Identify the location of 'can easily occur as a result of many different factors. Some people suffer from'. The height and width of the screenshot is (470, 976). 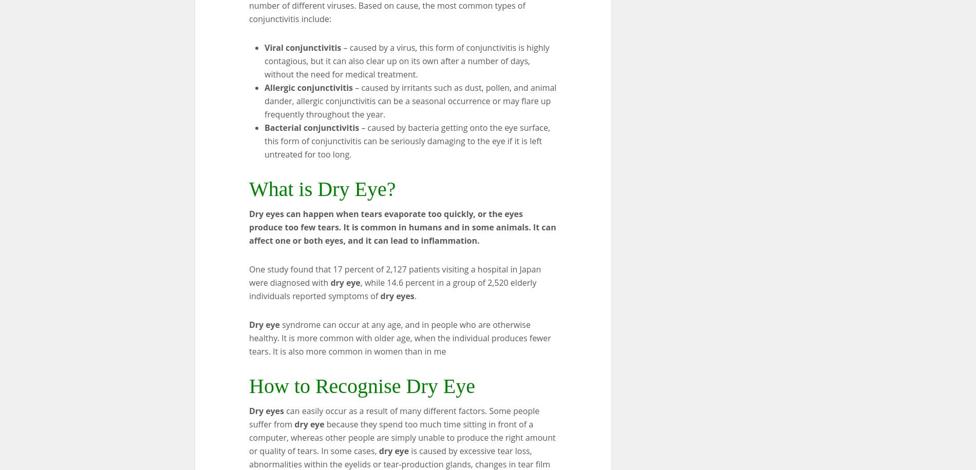
(249, 417).